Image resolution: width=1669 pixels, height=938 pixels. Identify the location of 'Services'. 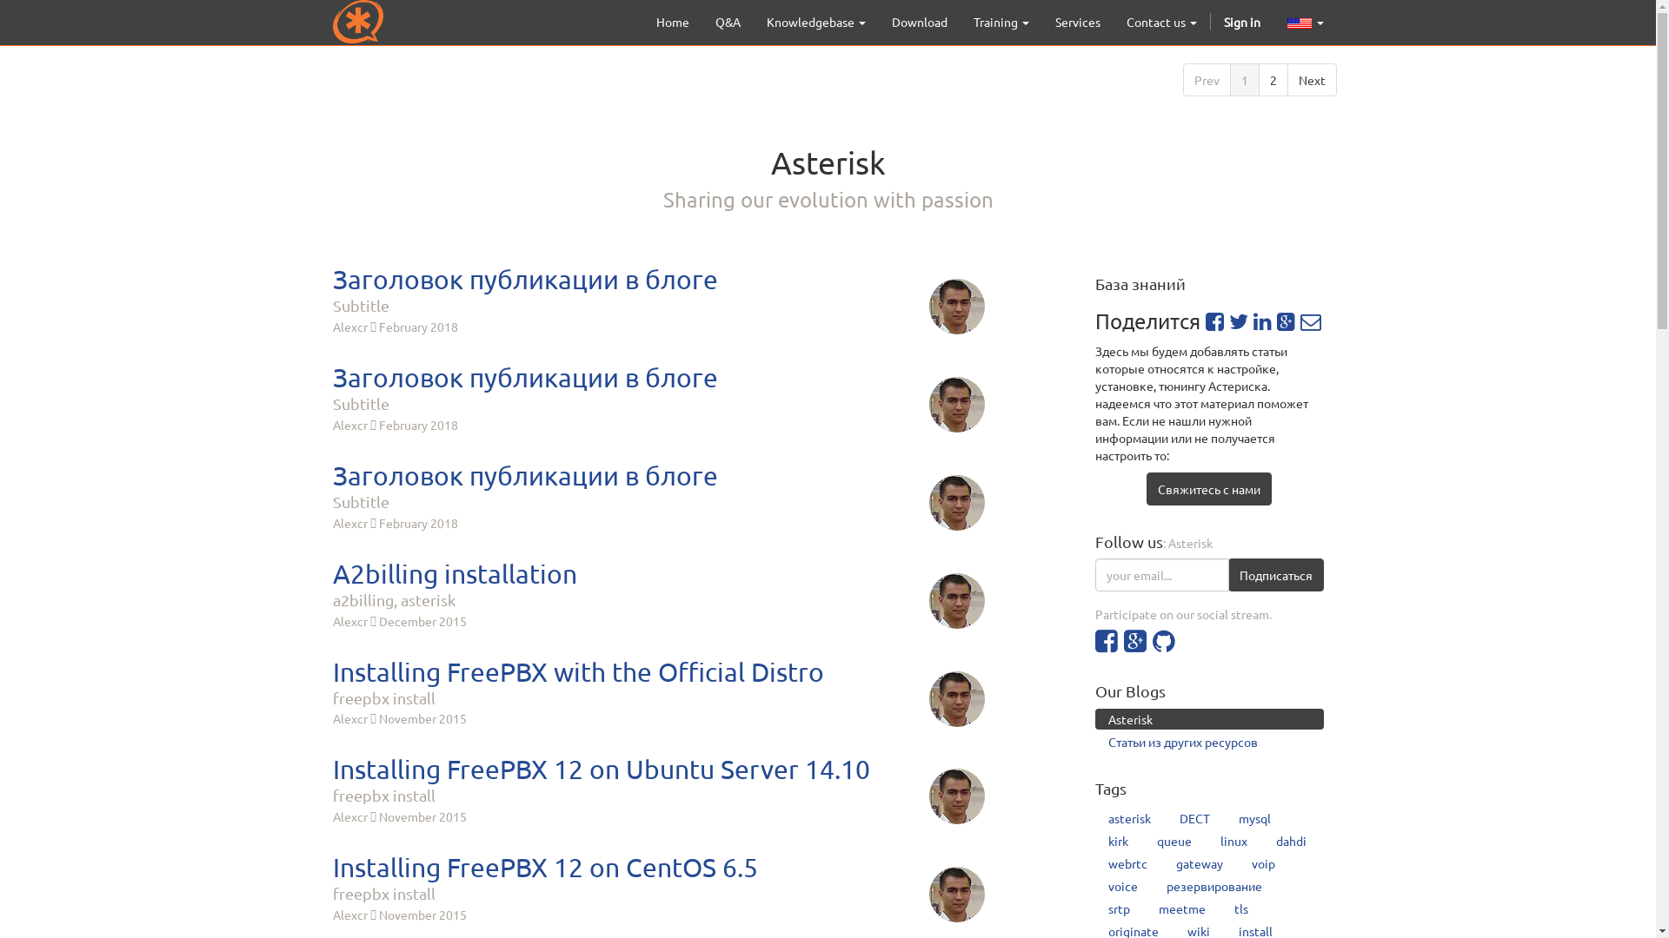
(1075, 21).